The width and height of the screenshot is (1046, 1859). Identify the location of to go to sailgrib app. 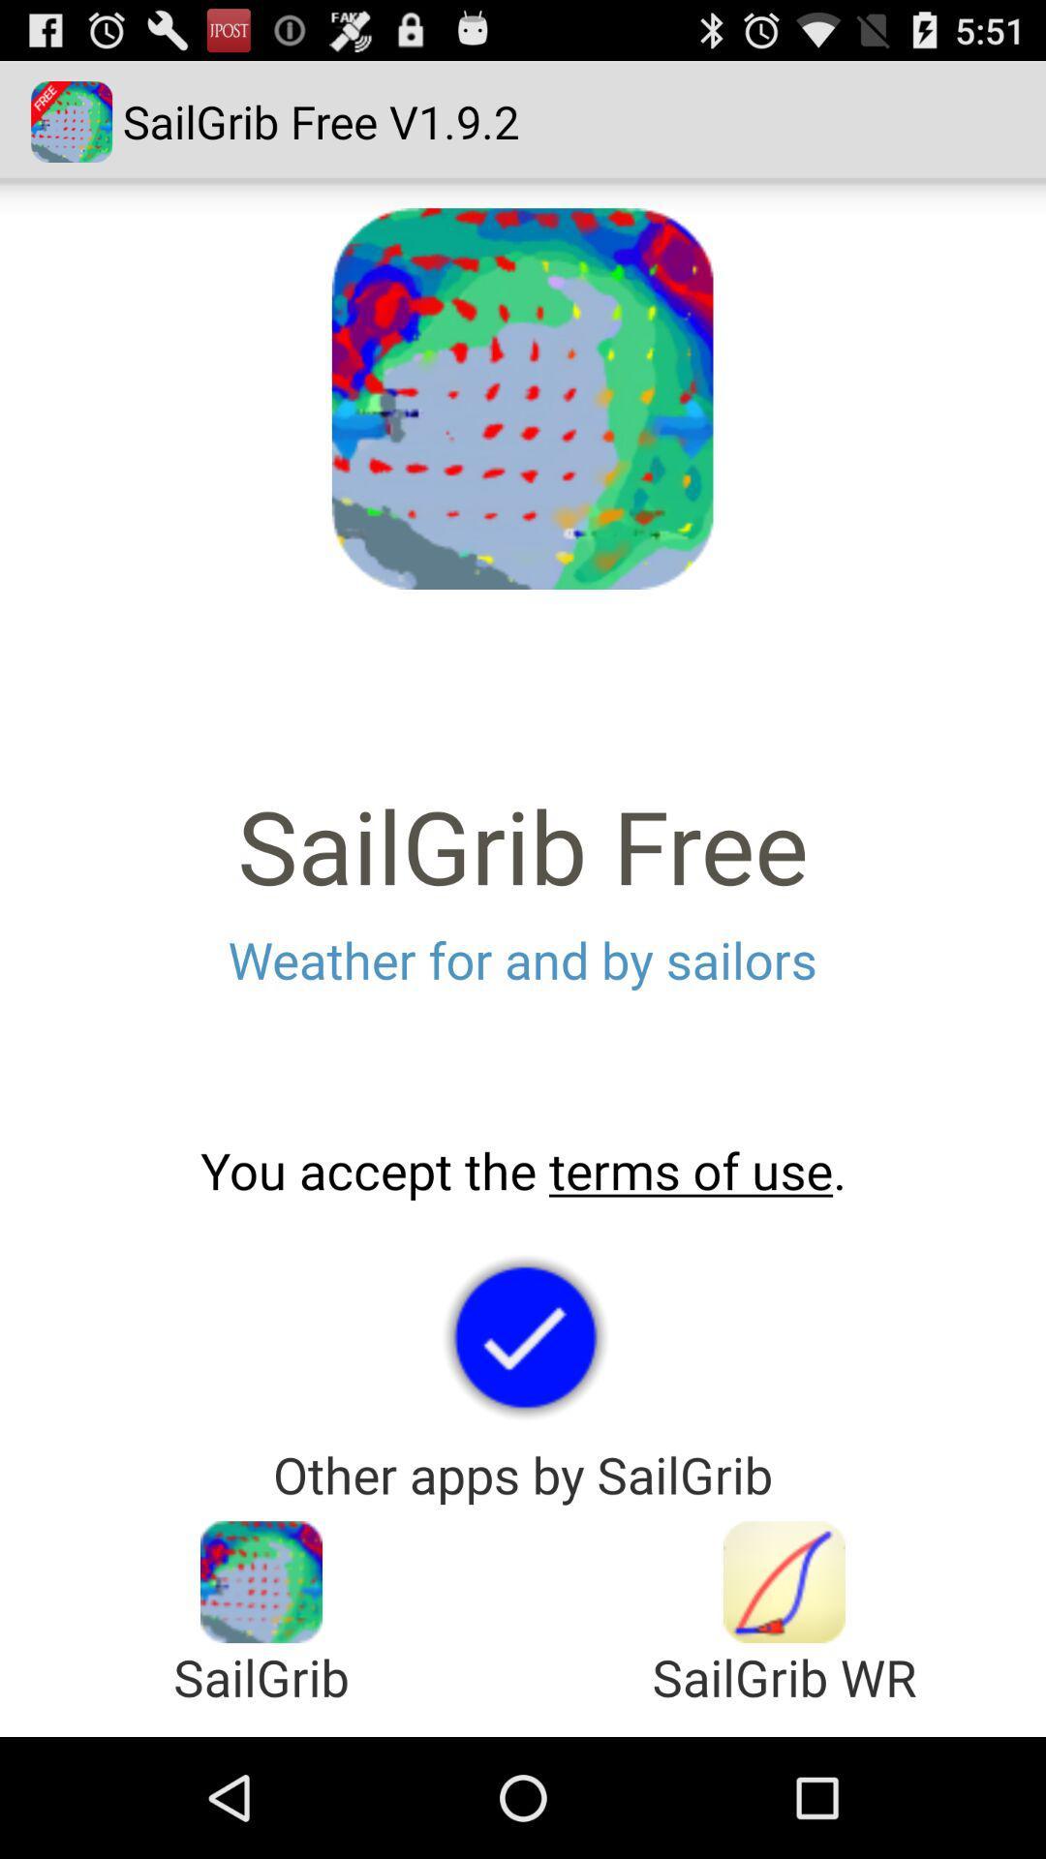
(261, 1582).